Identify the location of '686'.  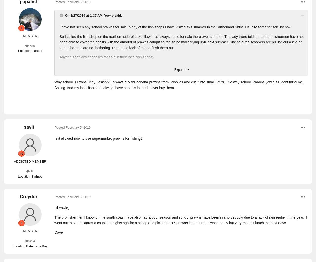
(31, 45).